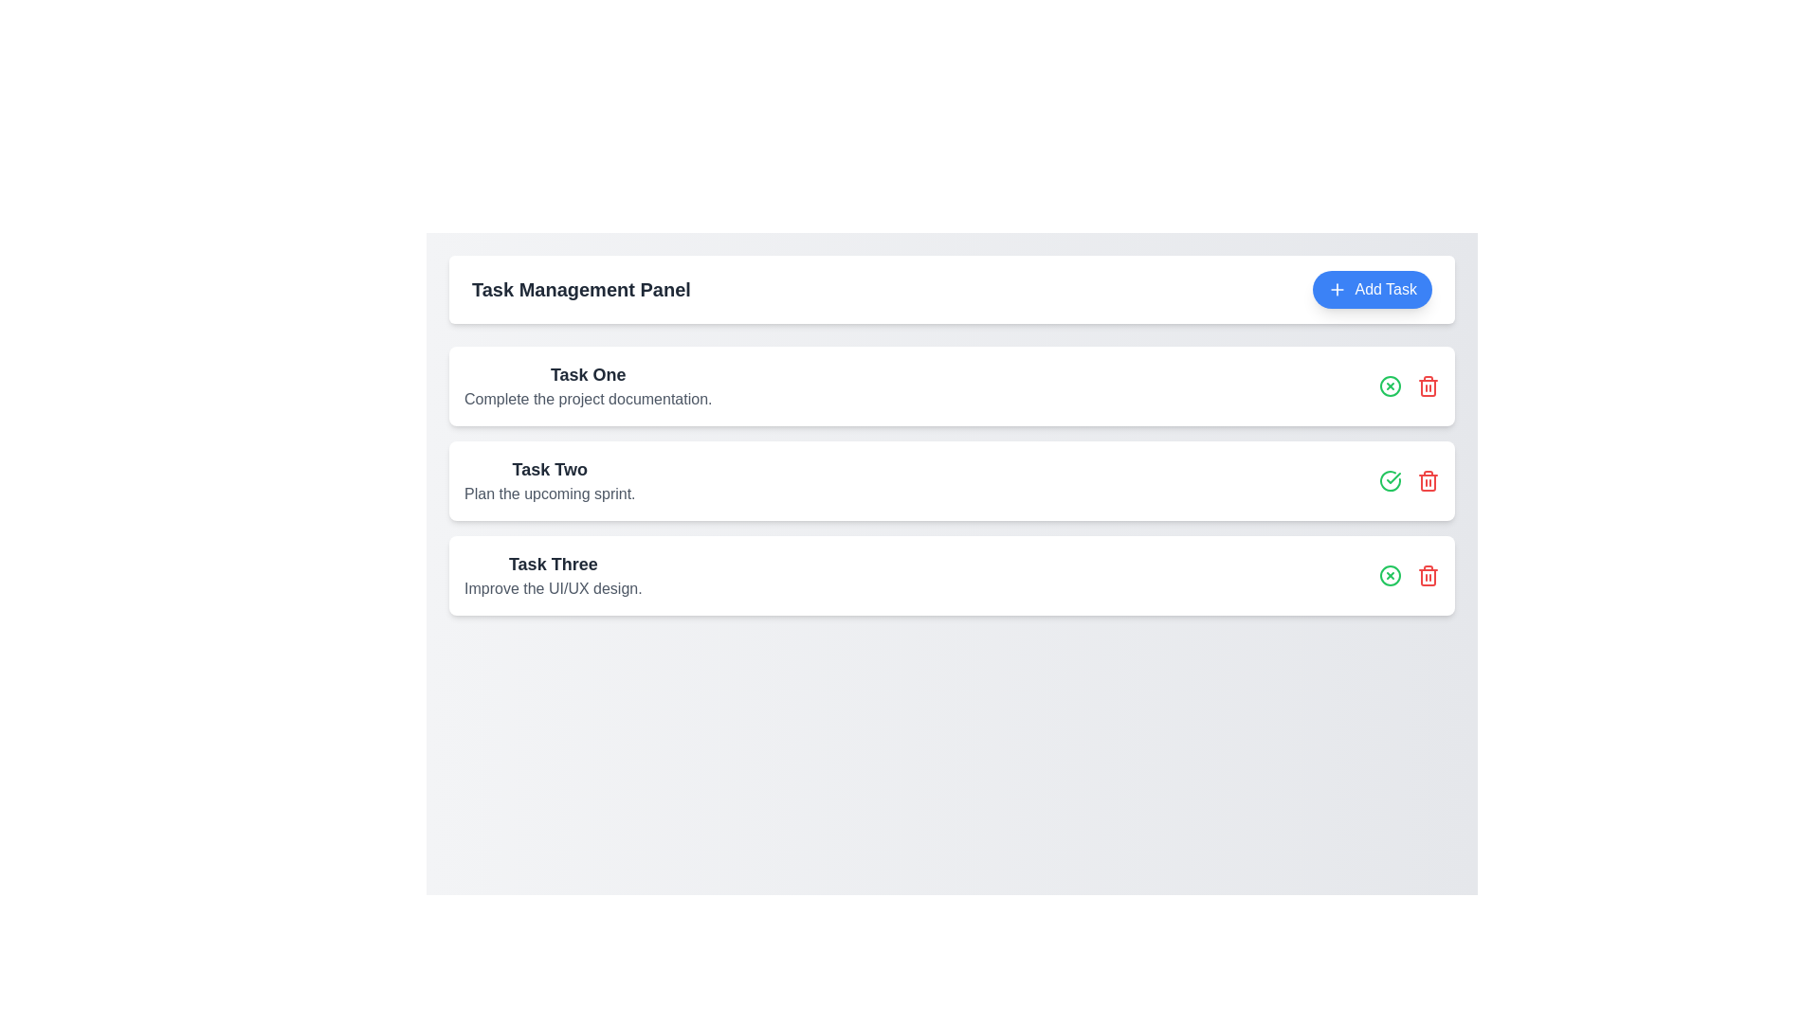  Describe the element at coordinates (587, 386) in the screenshot. I see `the Information display card` at that location.